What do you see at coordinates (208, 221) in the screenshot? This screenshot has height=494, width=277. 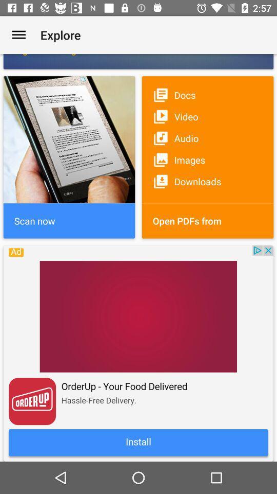 I see `open pdfs form` at bounding box center [208, 221].